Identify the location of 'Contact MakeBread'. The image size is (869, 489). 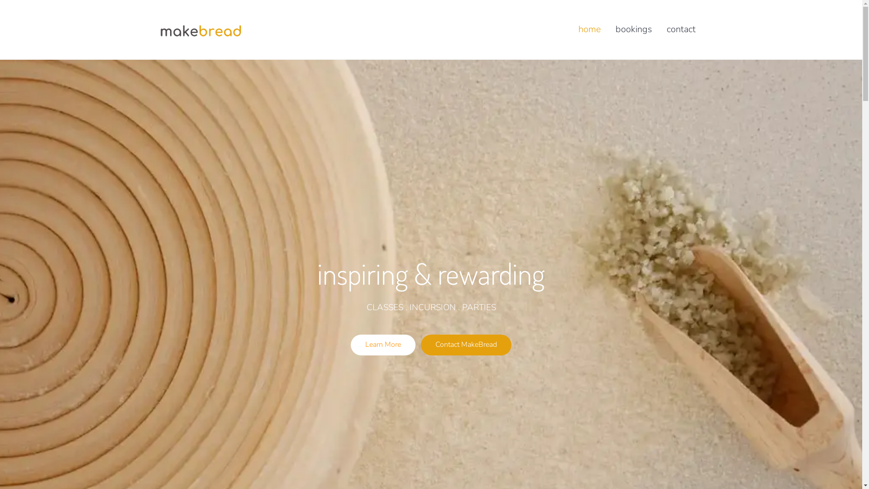
(466, 345).